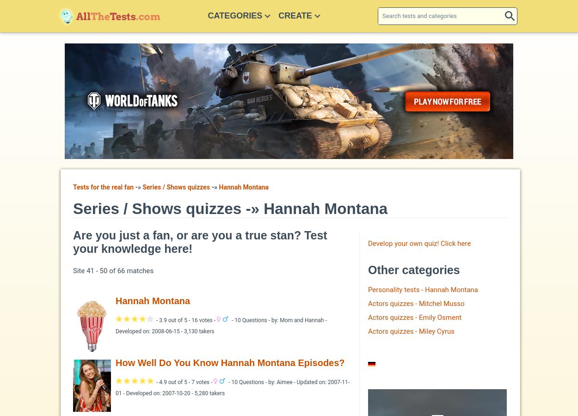 The image size is (578, 416). Describe the element at coordinates (416, 303) in the screenshot. I see `'Actors quizzes - Mitchel Musso'` at that location.